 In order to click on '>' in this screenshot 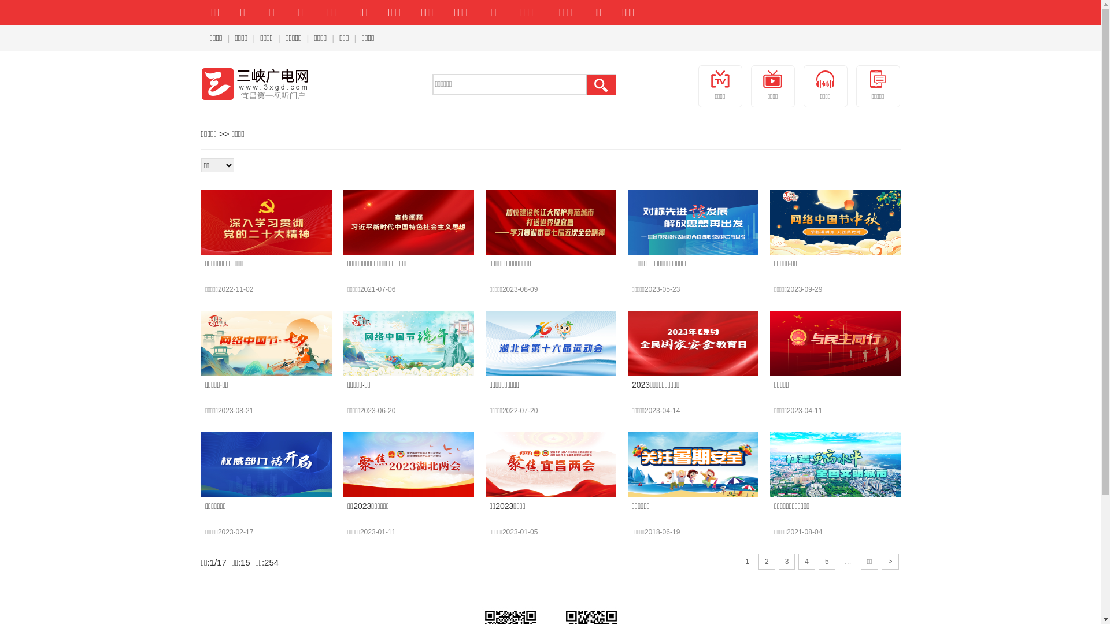, I will do `click(889, 561)`.